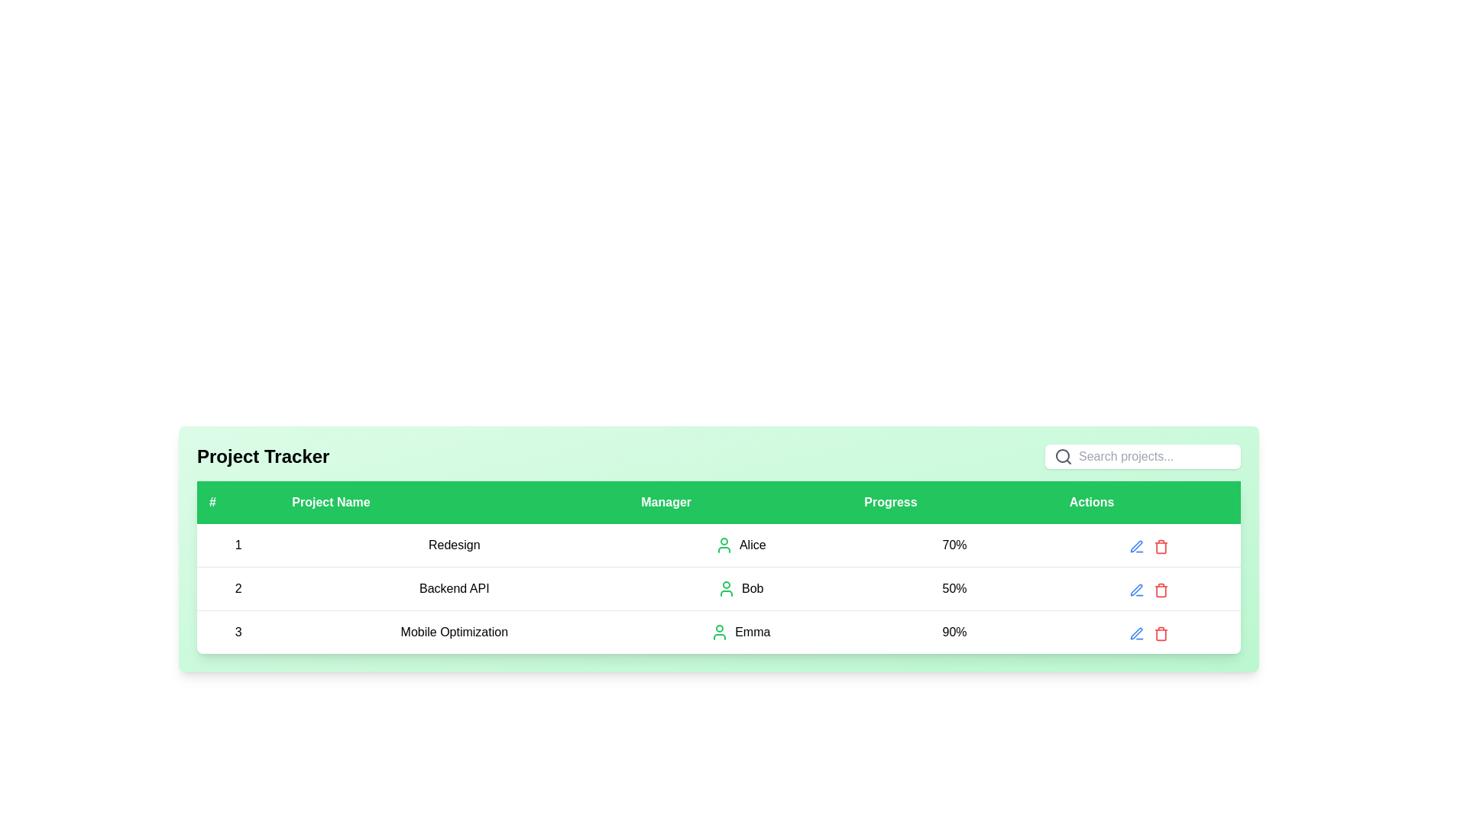 The width and height of the screenshot is (1467, 825). What do you see at coordinates (1161, 590) in the screenshot?
I see `the deletion icon button located in the 'Actions' column of the second row of the table, adjacent to the 'Progress' column value ('50%') for the row labeled 'Backend API'` at bounding box center [1161, 590].